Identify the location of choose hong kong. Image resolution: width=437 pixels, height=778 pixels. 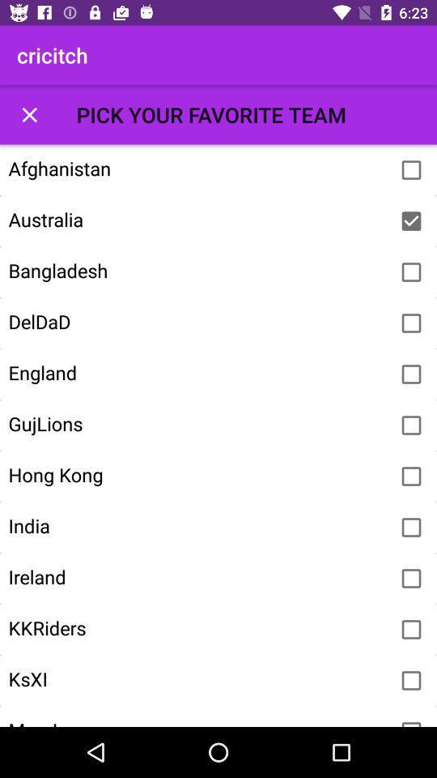
(411, 477).